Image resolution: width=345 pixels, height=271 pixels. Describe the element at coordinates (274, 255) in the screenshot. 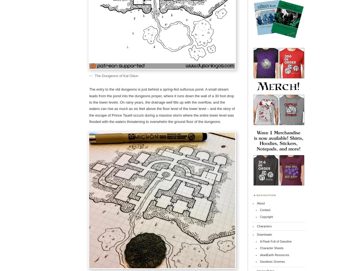

I see `'deadEarth Resources'` at that location.